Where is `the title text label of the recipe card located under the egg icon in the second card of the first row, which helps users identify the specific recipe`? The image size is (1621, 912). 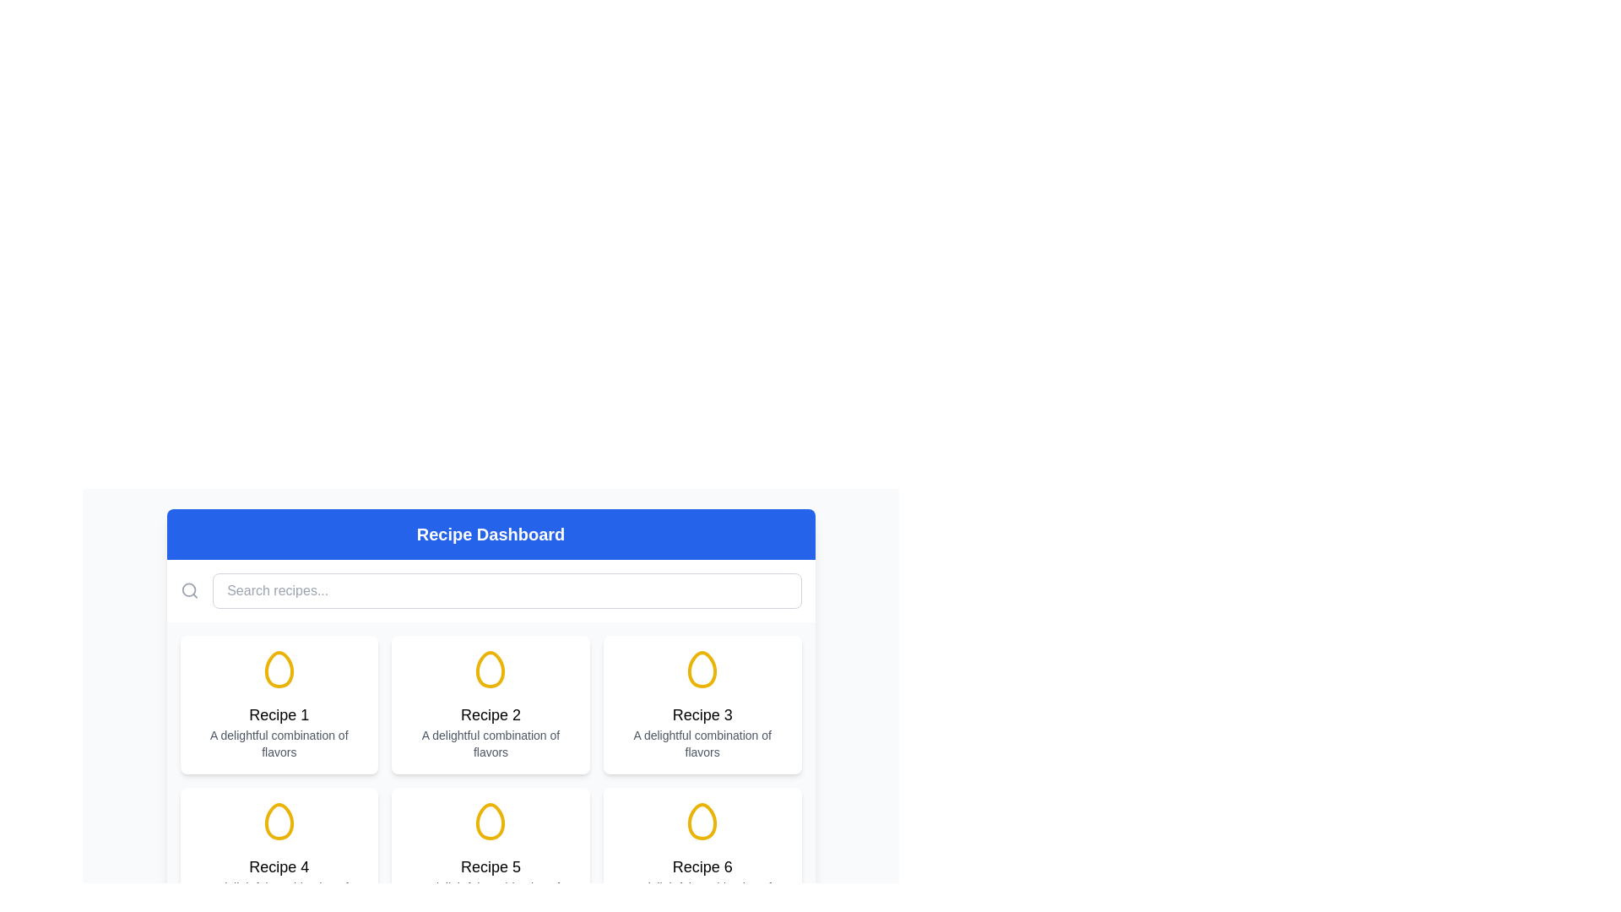 the title text label of the recipe card located under the egg icon in the second card of the first row, which helps users identify the specific recipe is located at coordinates (490, 715).